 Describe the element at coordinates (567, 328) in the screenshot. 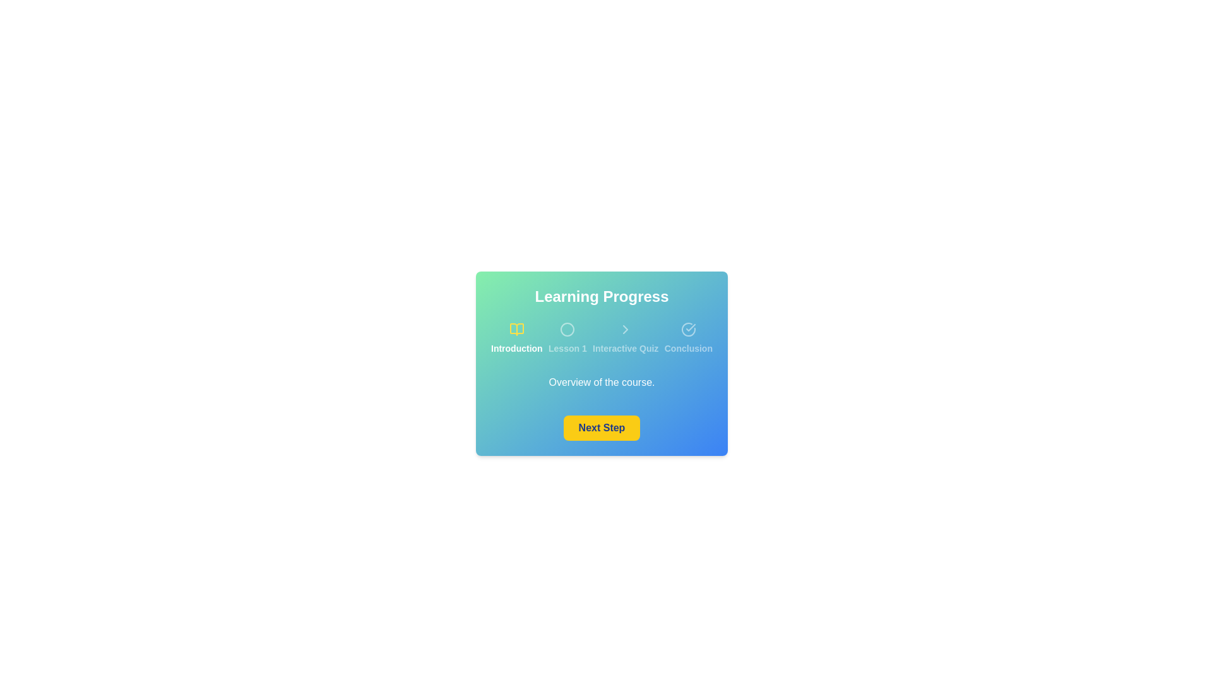

I see `the circular SVG element with a radius of 10 pixels, located near the 'Lesson 1' text label in the horizontal stepper component` at that location.